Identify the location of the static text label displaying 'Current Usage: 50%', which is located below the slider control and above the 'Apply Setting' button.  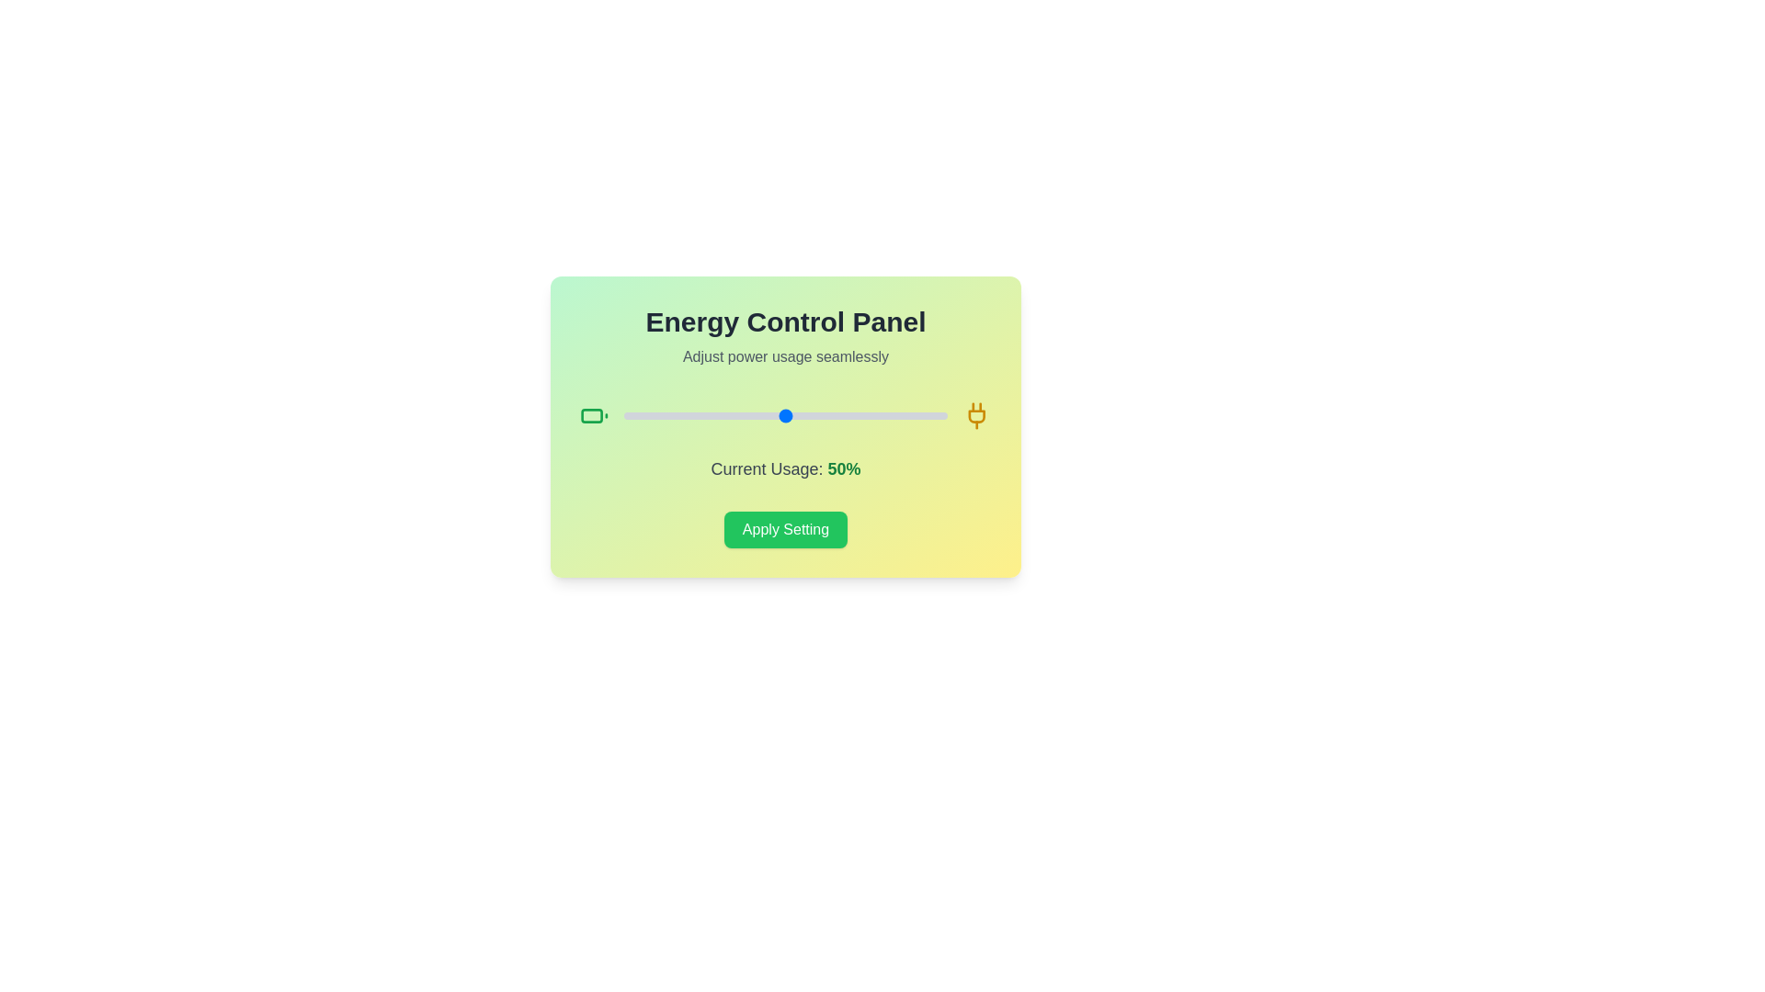
(785, 468).